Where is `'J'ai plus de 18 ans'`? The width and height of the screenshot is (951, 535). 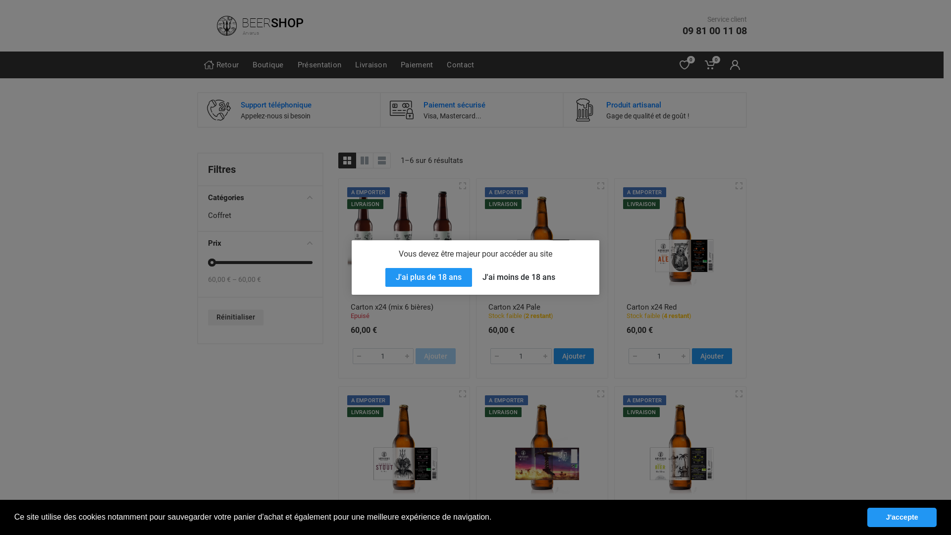 'J'ai plus de 18 ans' is located at coordinates (428, 277).